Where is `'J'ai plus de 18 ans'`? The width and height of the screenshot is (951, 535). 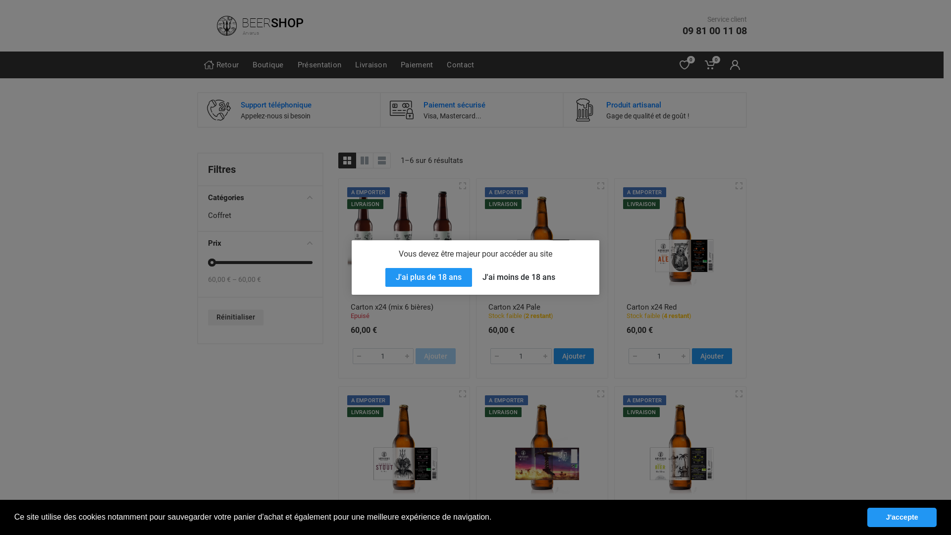 'J'ai plus de 18 ans' is located at coordinates (428, 277).